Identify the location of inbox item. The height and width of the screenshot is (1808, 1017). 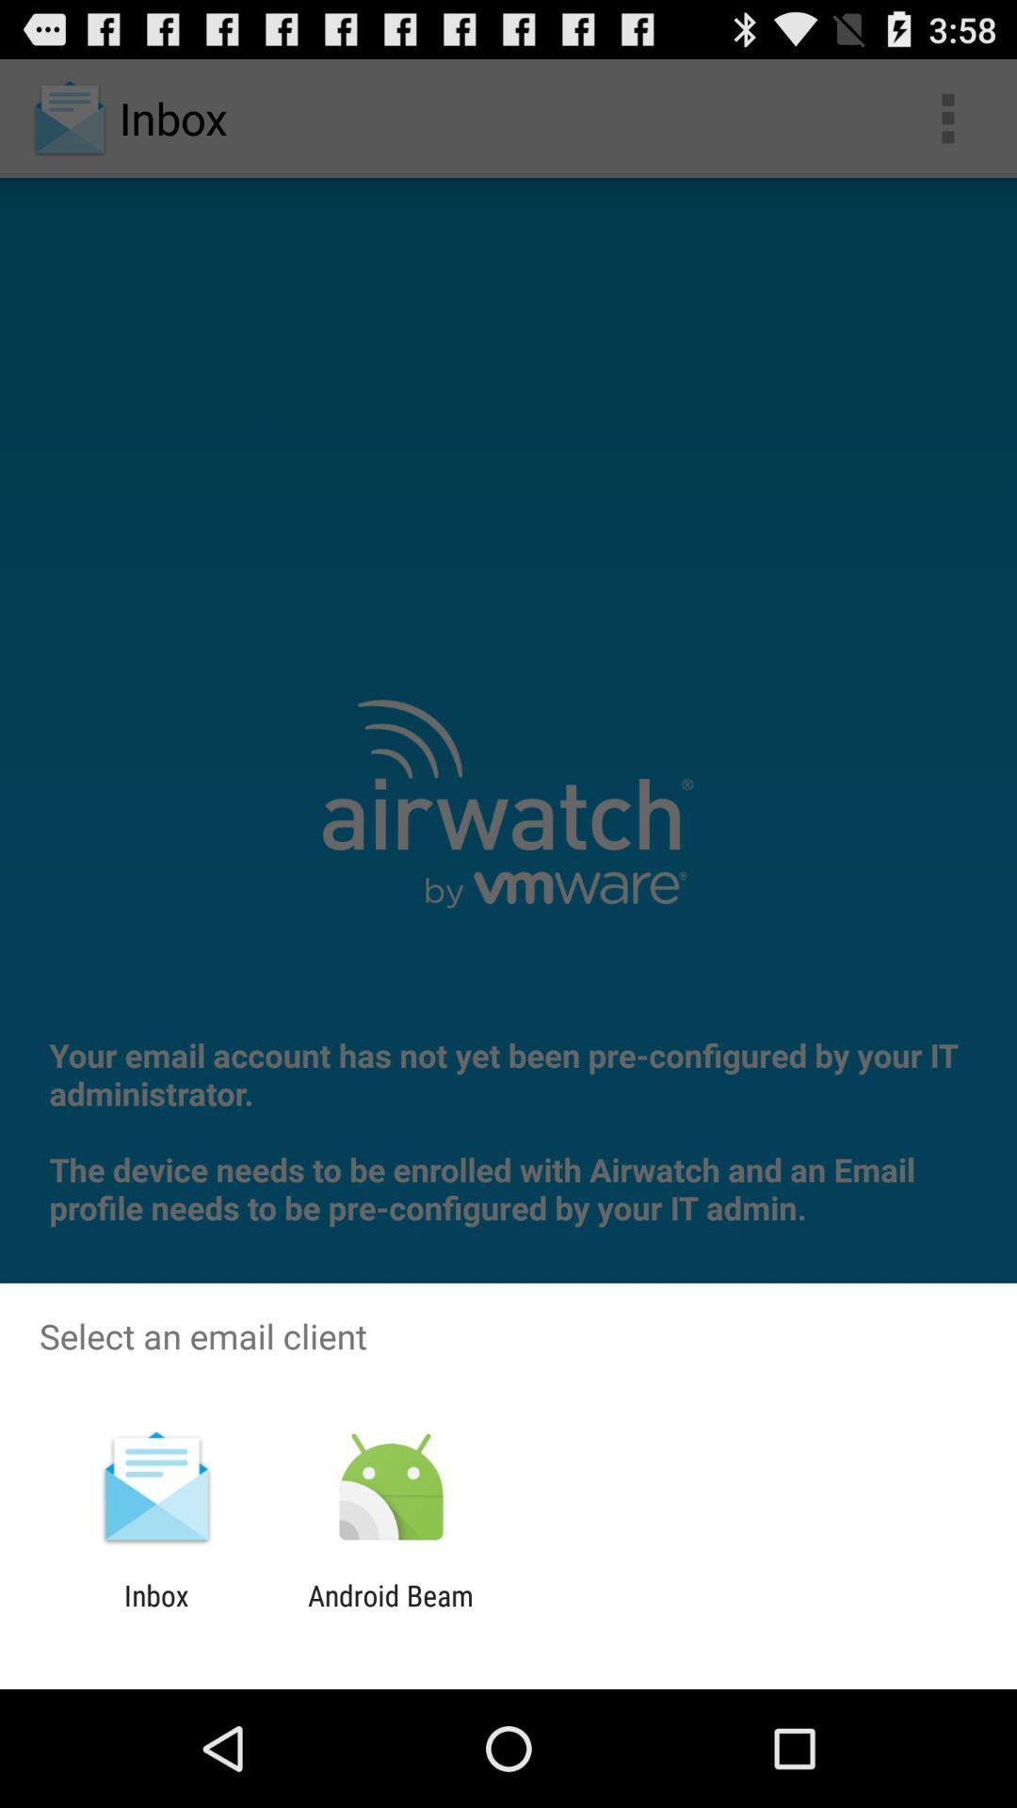
(155, 1611).